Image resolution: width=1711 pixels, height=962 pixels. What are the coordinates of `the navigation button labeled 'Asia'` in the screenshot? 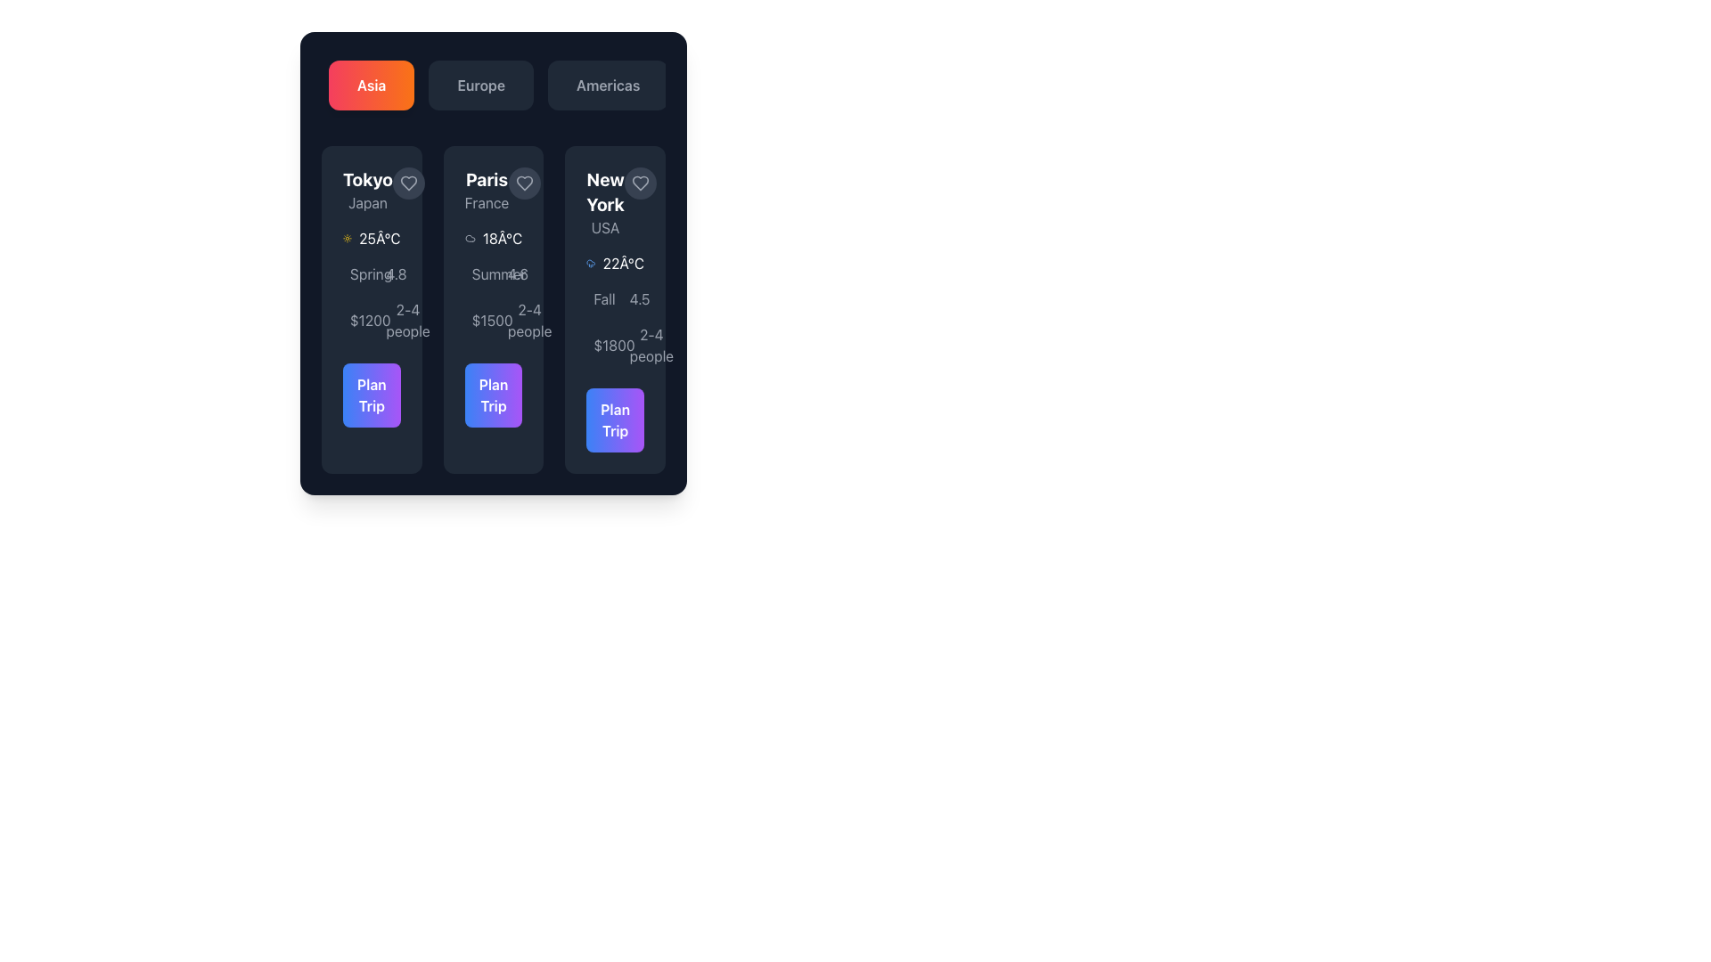 It's located at (371, 86).